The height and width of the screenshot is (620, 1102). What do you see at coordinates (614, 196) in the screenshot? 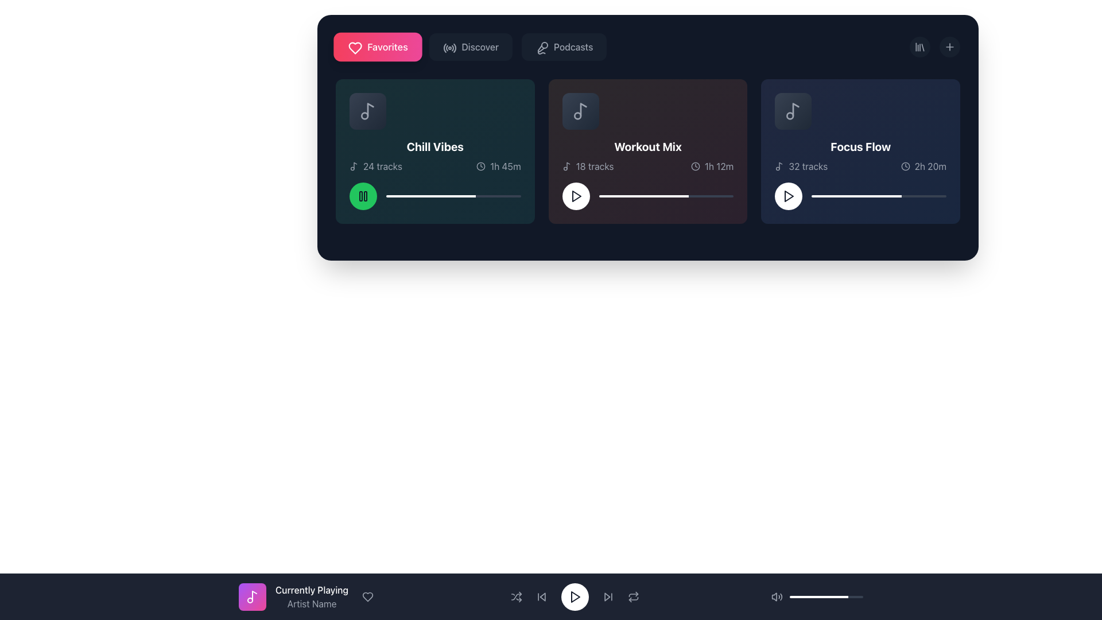
I see `the slider` at bounding box center [614, 196].